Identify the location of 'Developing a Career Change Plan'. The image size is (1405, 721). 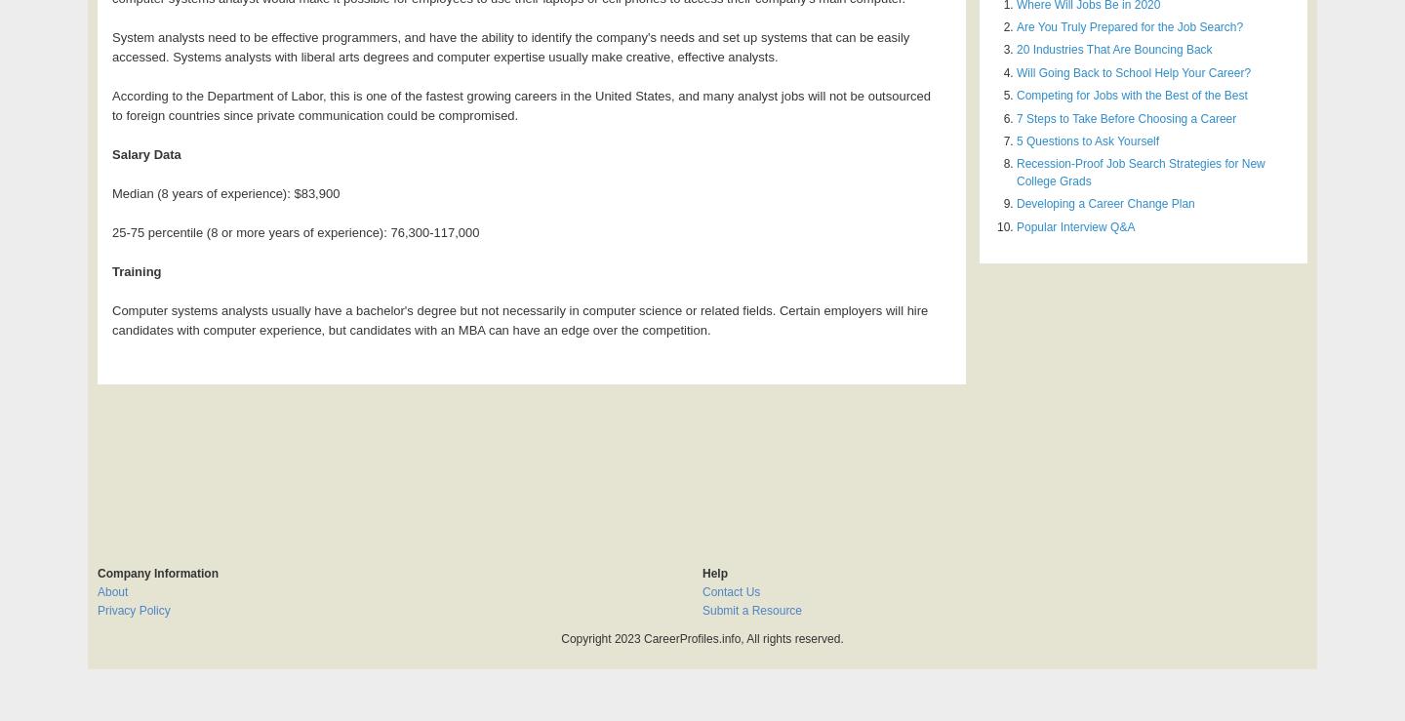
(1104, 202).